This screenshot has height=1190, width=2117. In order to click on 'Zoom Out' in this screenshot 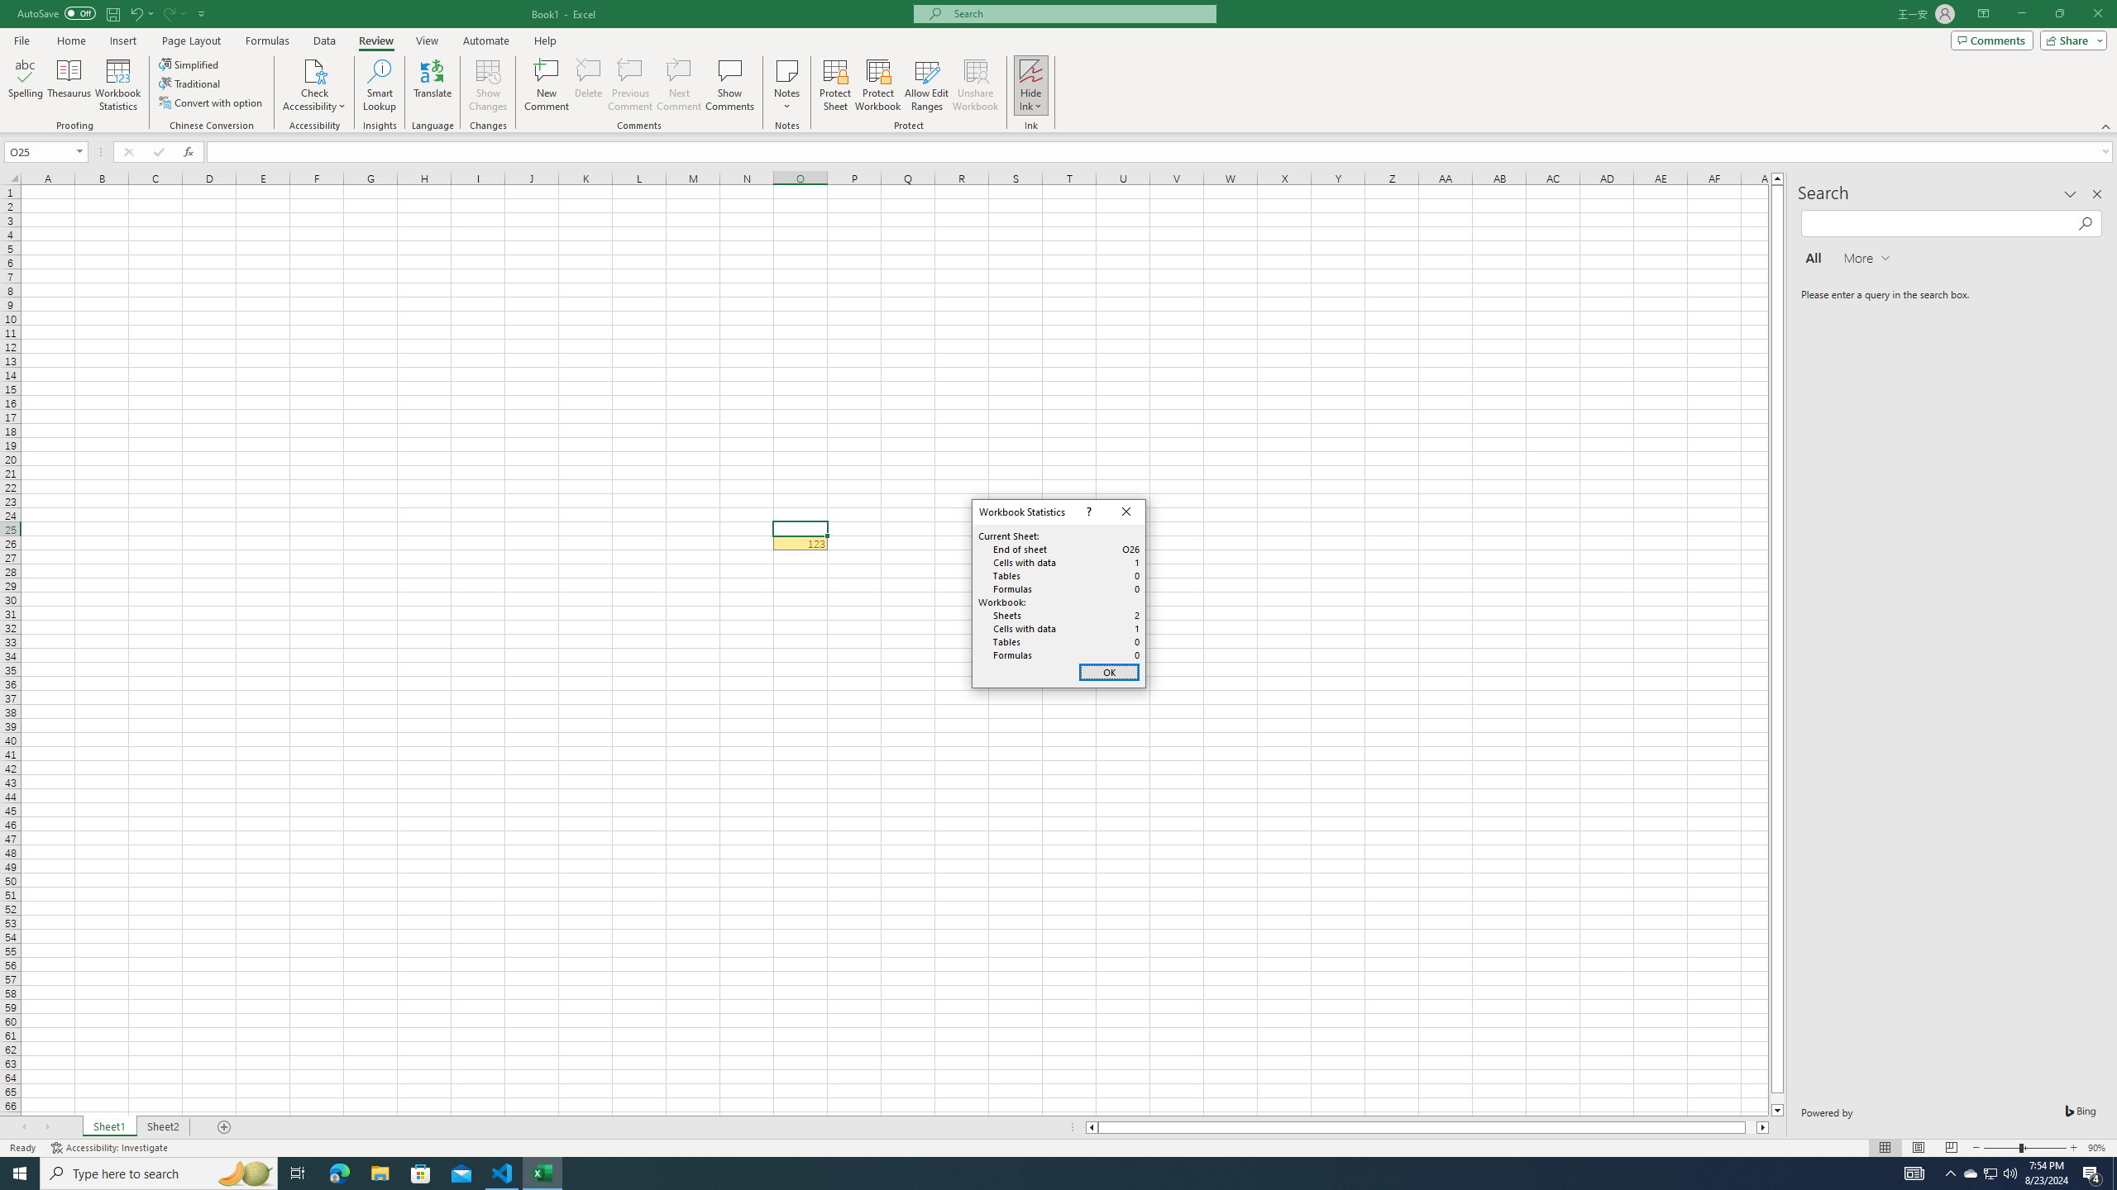, I will do `click(2001, 1148)`.